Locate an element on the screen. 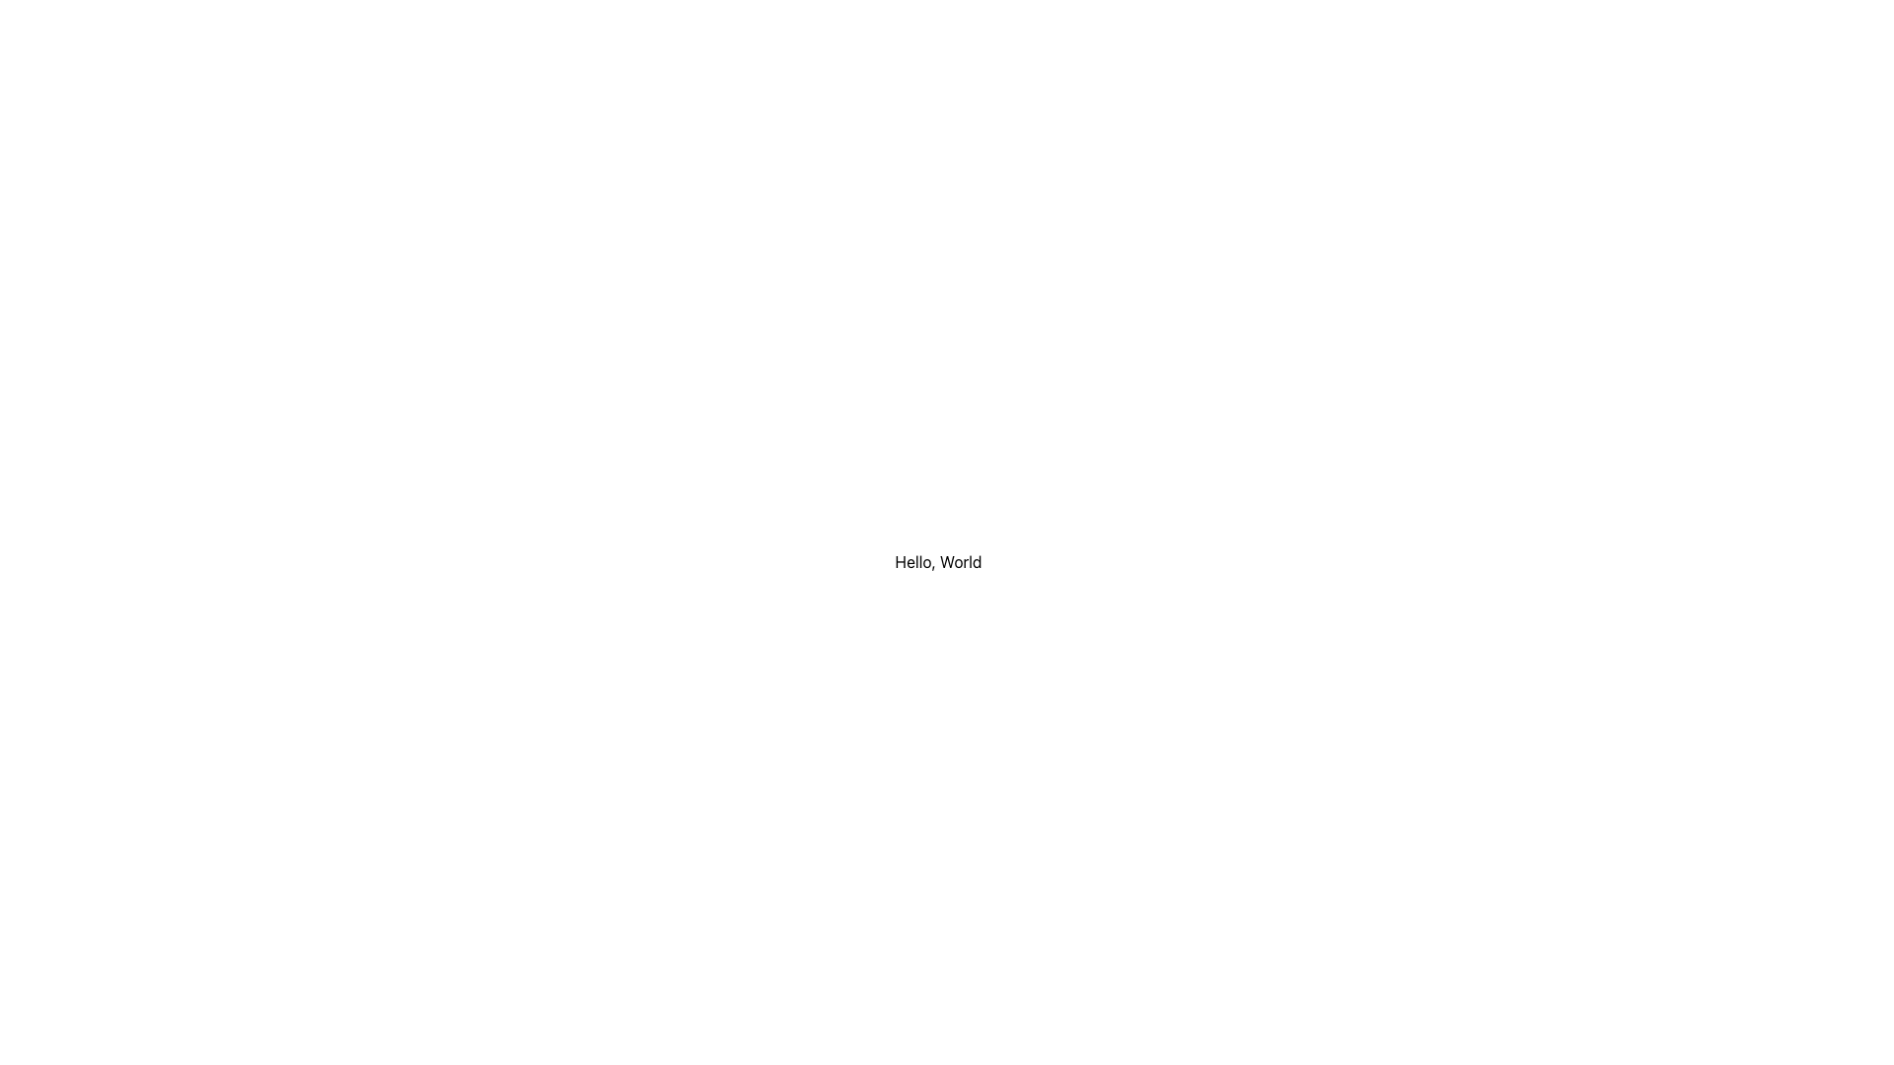  the Text Display element that shows 'Hello, World' in a sans-serif black font on a white background is located at coordinates (937, 562).